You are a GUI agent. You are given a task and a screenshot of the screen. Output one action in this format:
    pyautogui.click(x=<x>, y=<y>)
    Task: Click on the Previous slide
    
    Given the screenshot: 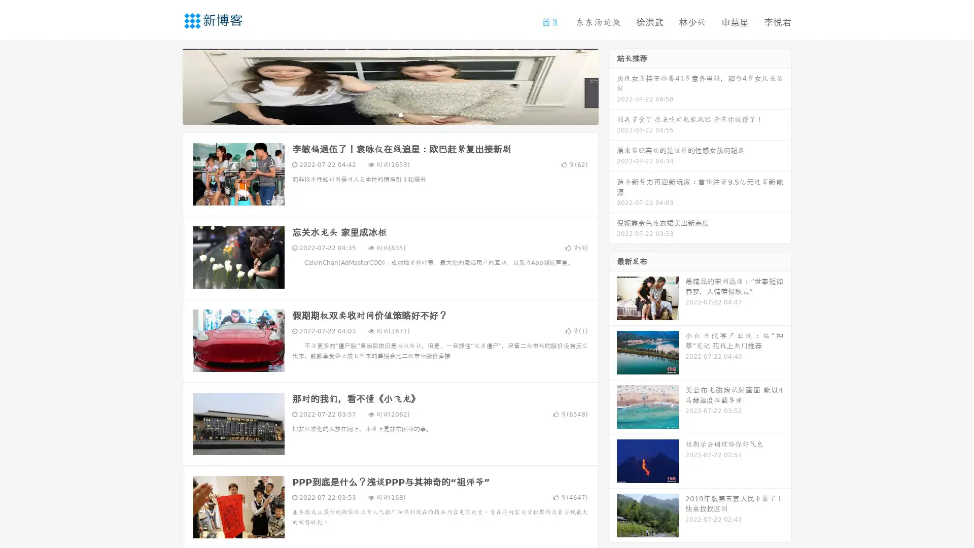 What is the action you would take?
    pyautogui.click(x=167, y=85)
    